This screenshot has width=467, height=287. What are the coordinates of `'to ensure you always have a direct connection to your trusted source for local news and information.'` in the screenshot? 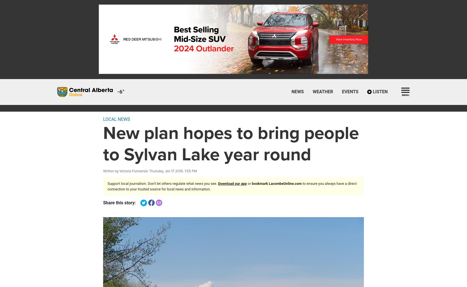 It's located at (108, 186).